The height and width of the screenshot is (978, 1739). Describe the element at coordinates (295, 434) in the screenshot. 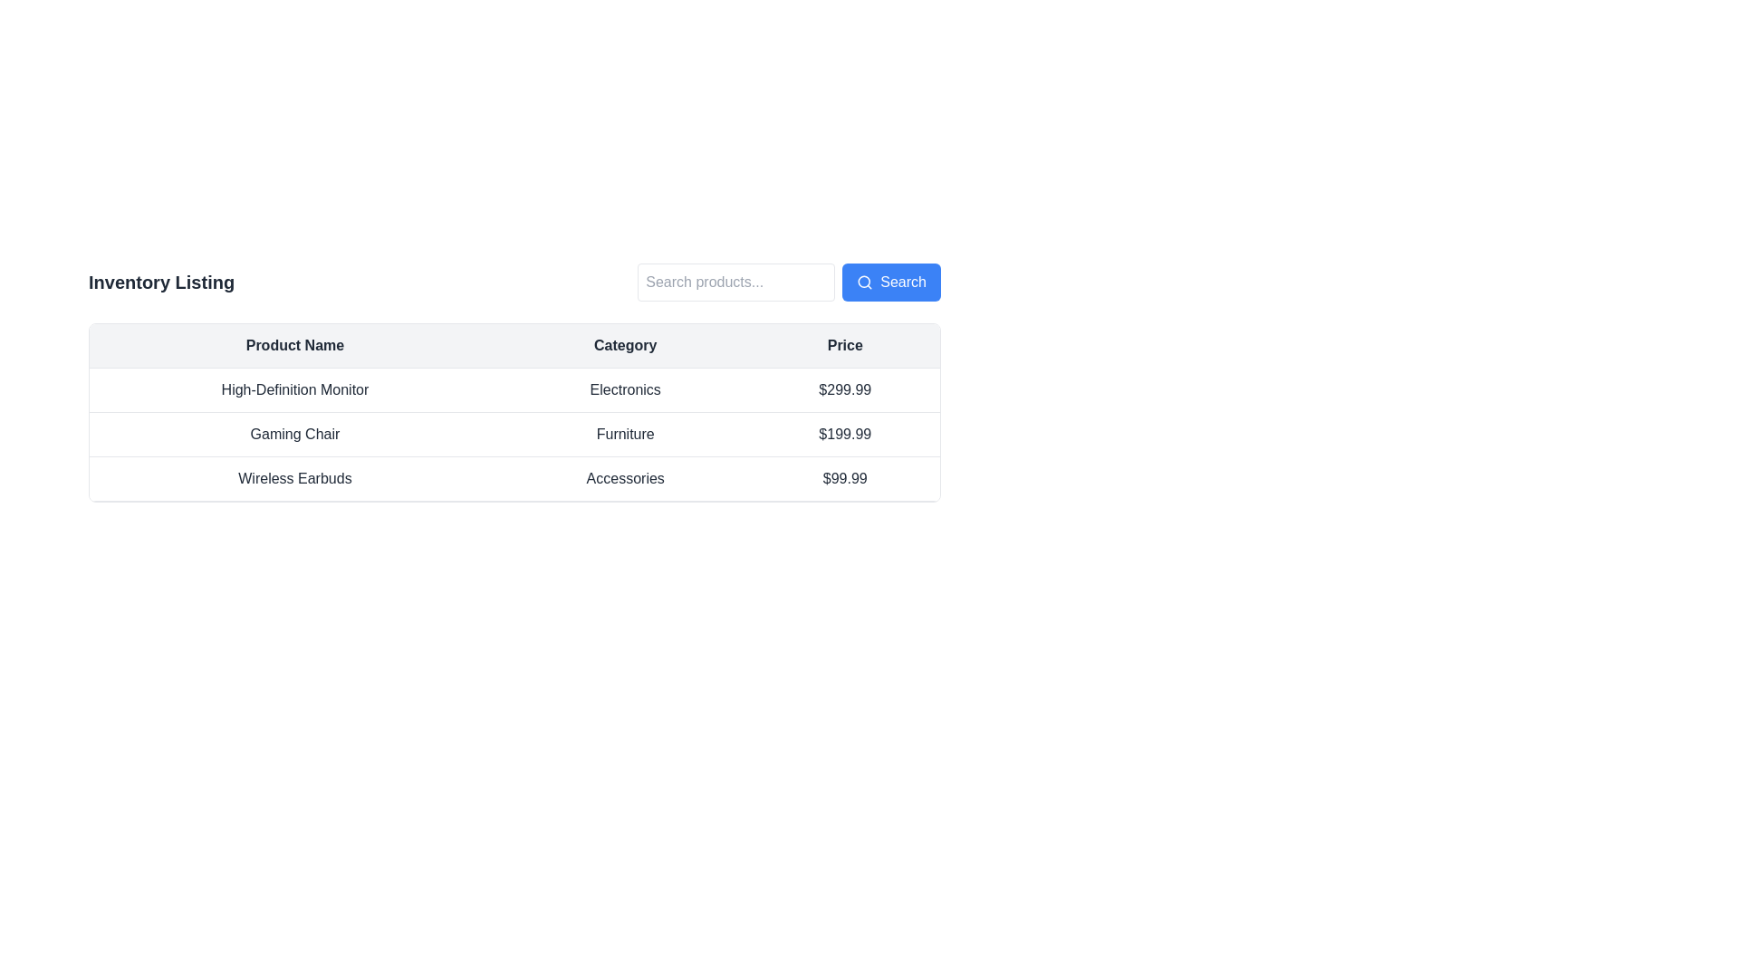

I see `the static text element displaying 'Gaming Chair' located in the first column of the second row in a table under the 'Product Name' column heading` at that location.